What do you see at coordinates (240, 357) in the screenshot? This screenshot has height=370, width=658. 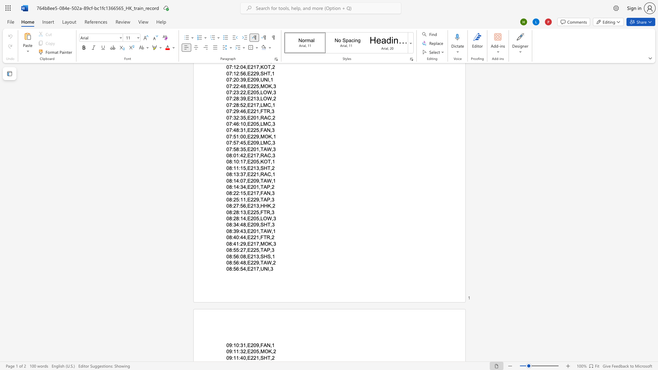 I see `the subset text "40," within the text "09:11:40,E221,SHT,2"` at bounding box center [240, 357].